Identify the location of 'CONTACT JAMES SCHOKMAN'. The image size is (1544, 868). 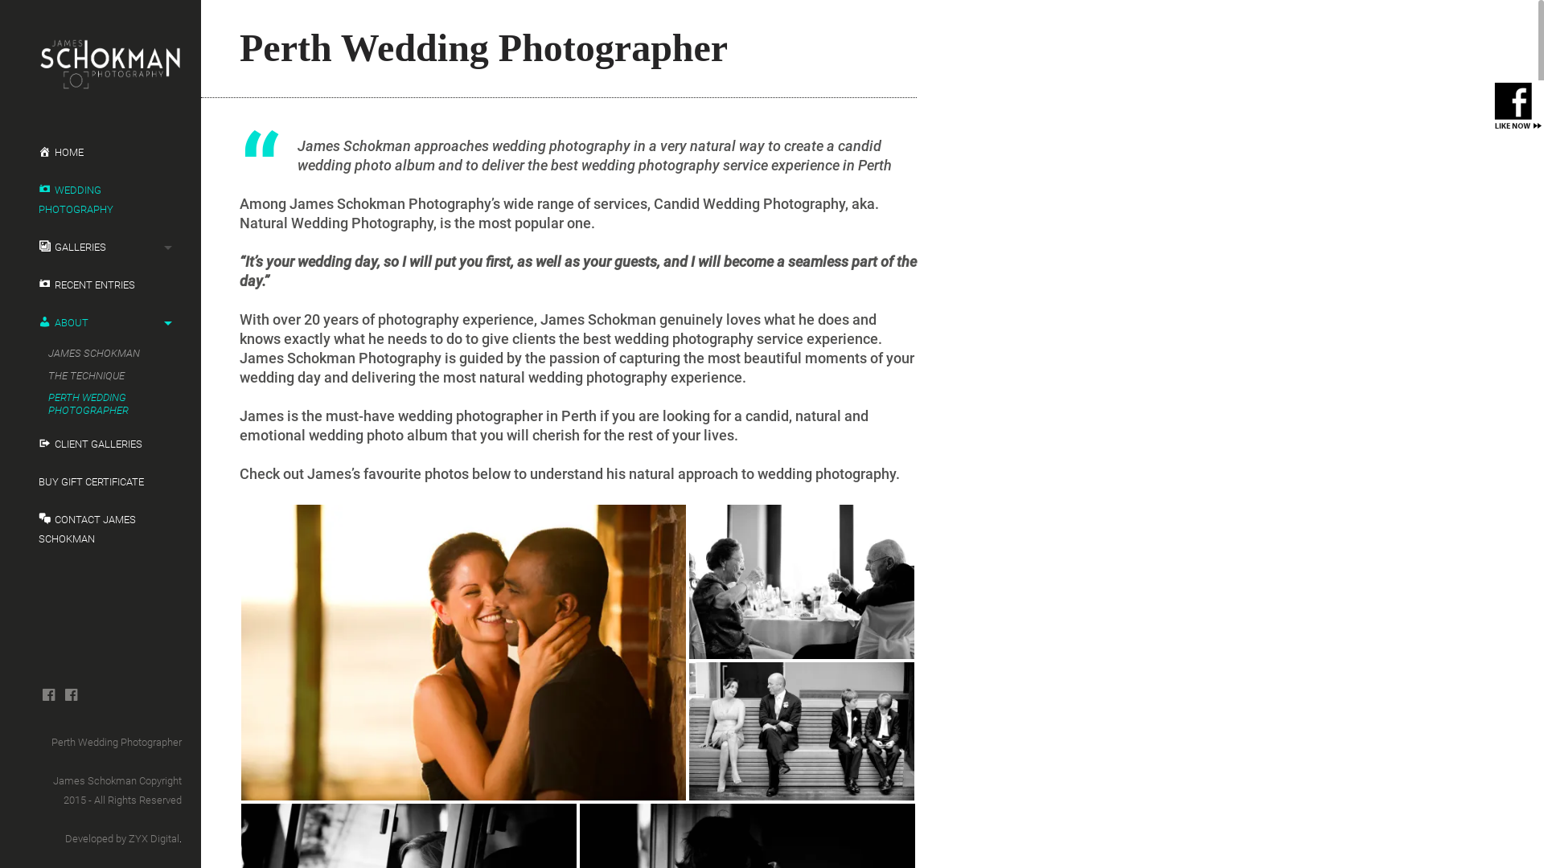
(99, 530).